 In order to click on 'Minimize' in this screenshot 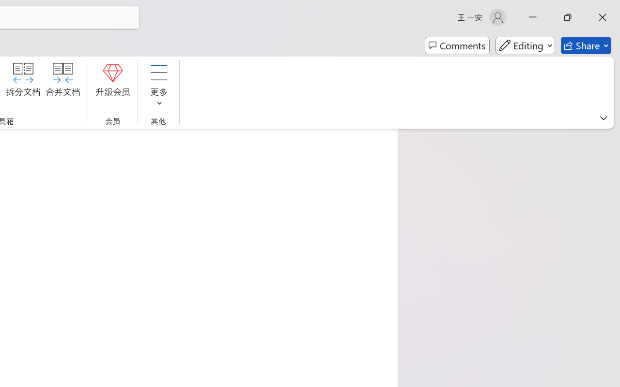, I will do `click(532, 17)`.